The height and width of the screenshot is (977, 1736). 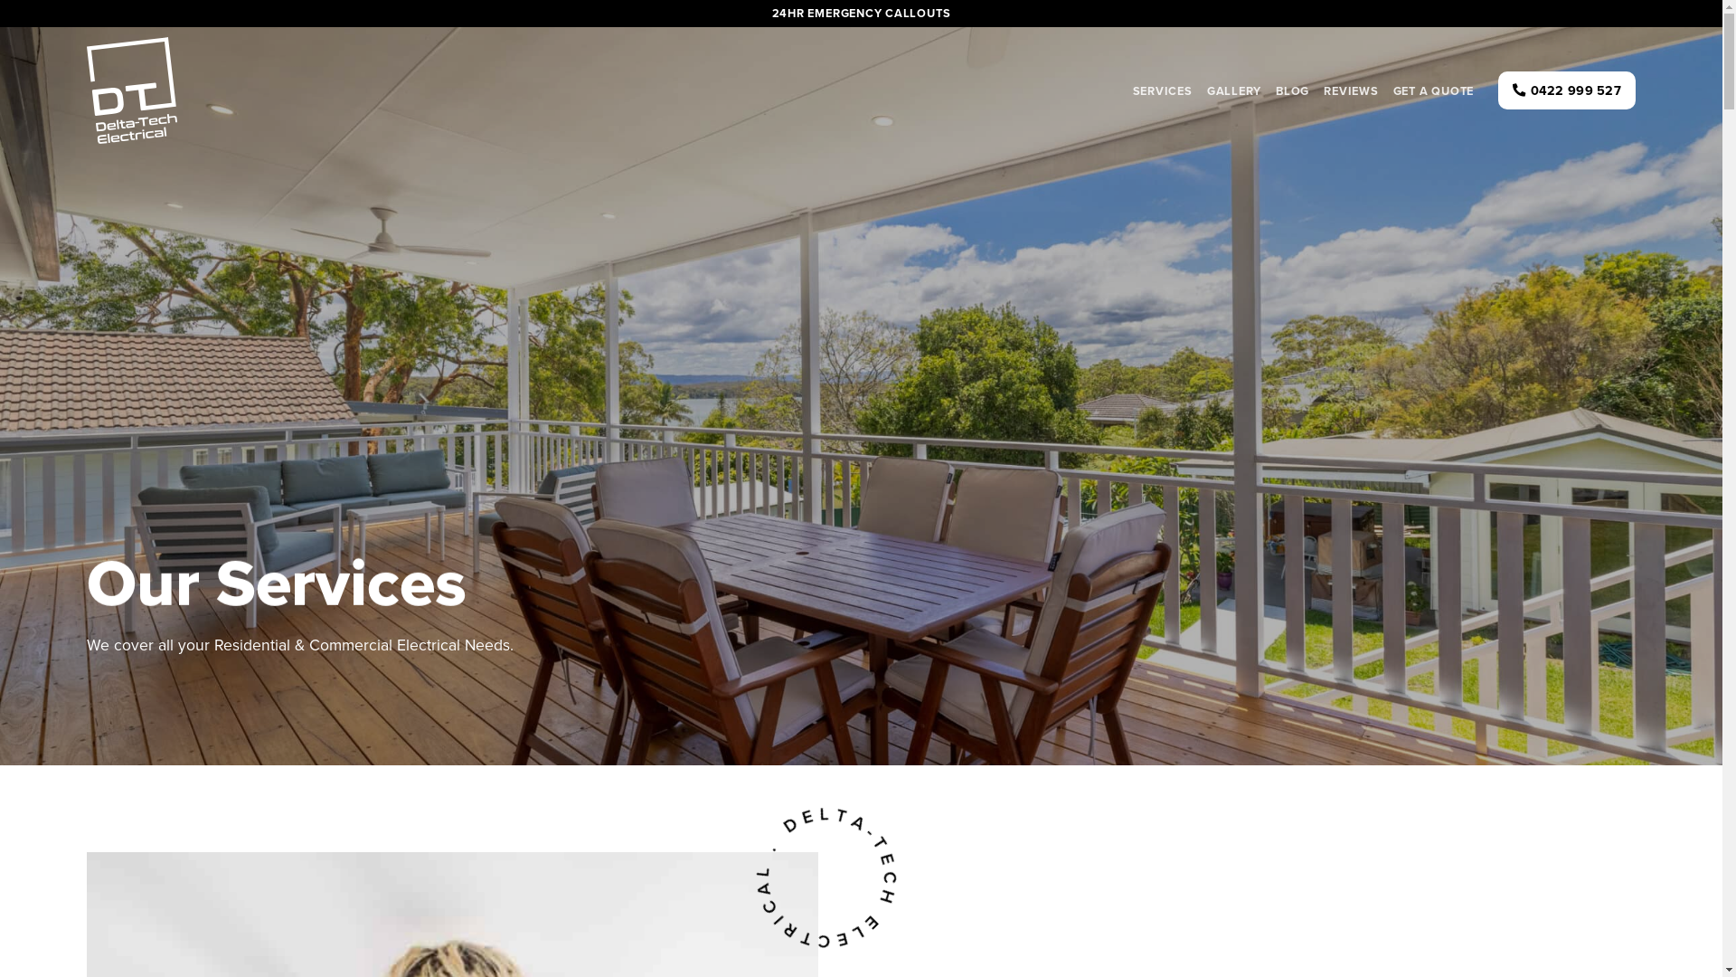 What do you see at coordinates (861, 13) in the screenshot?
I see `'24HR EMERGENCY CALLOUTS'` at bounding box center [861, 13].